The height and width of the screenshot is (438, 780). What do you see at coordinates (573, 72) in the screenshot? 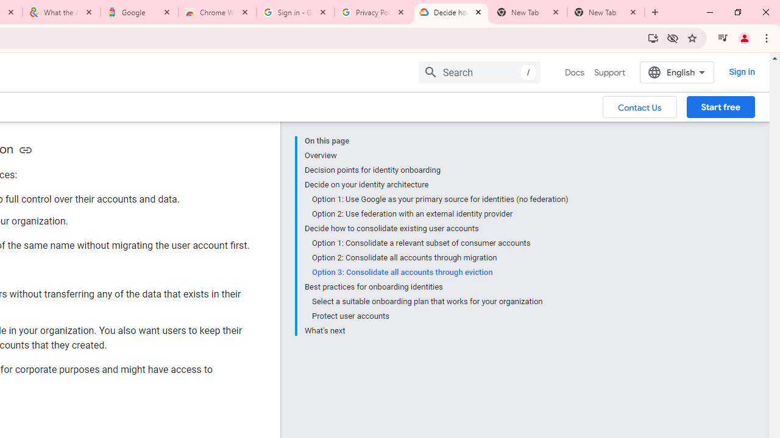
I see `'Docs, selected'` at bounding box center [573, 72].